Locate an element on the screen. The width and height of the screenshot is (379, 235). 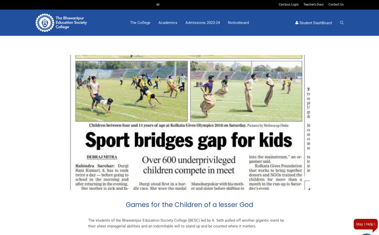
'Academics' is located at coordinates (168, 24).